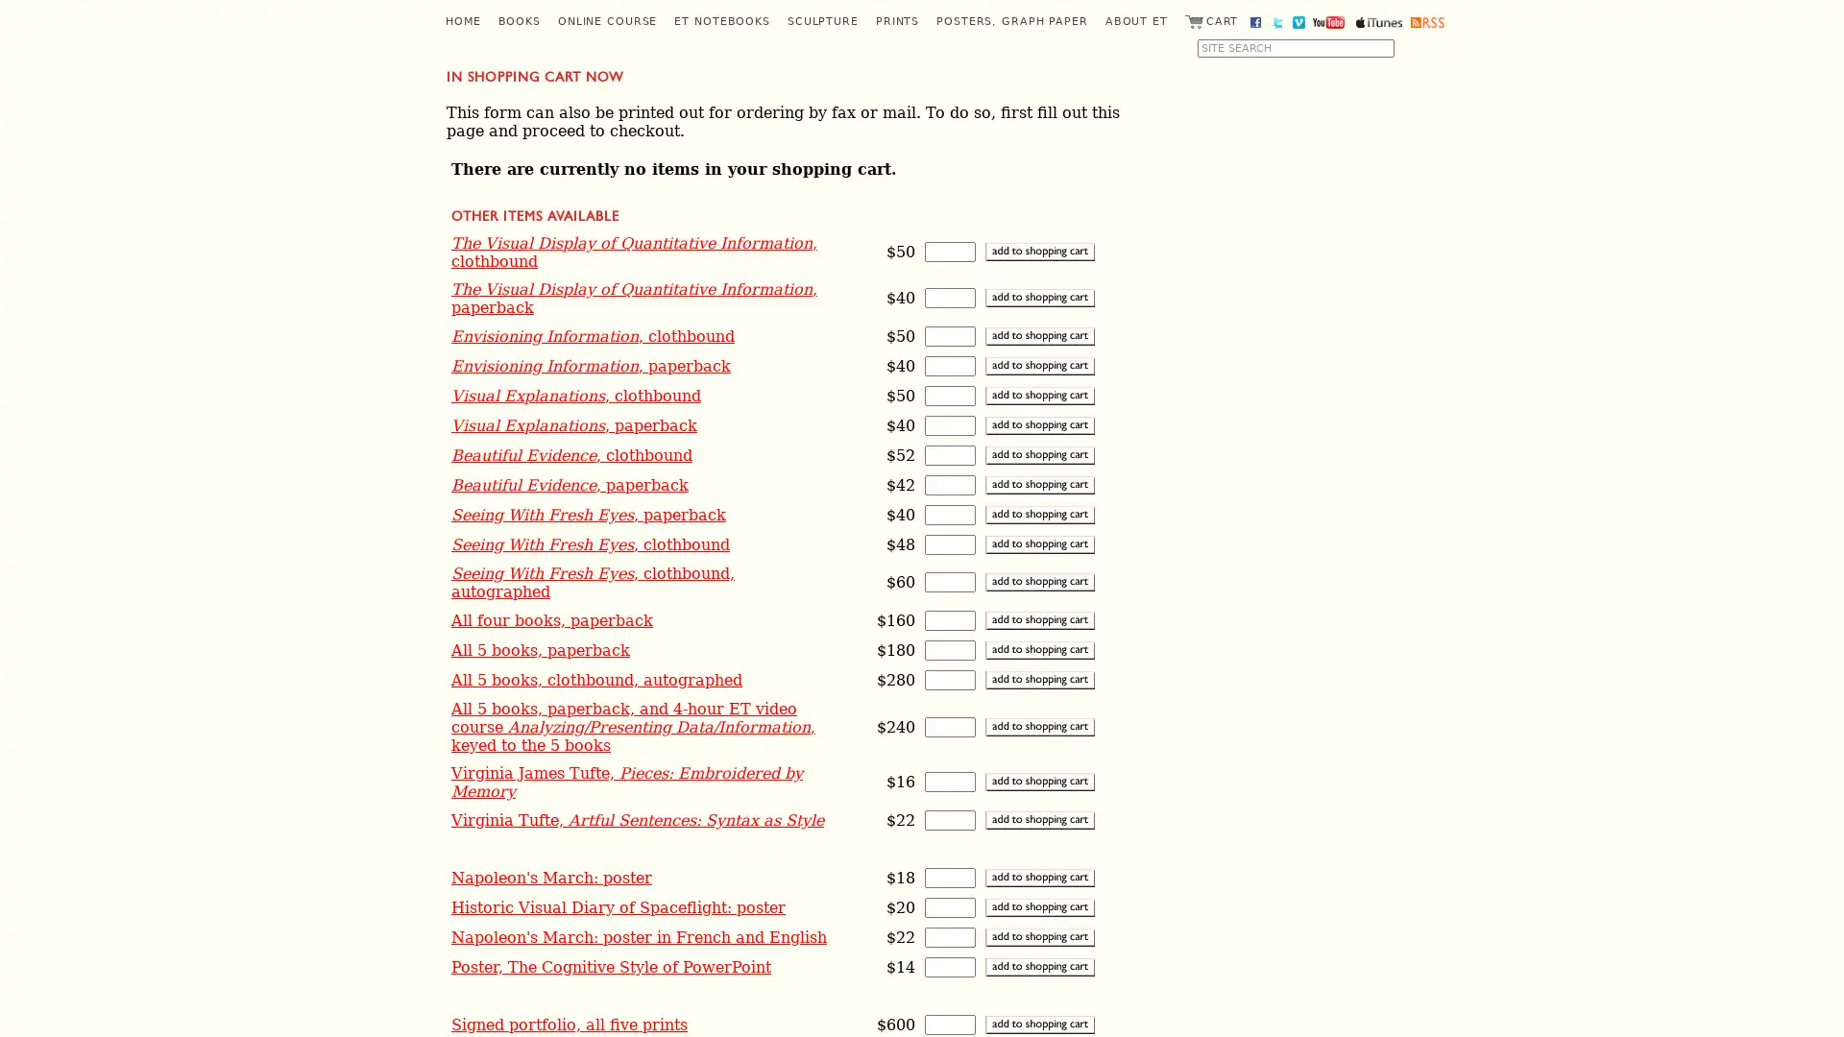  Describe the element at coordinates (1039, 454) in the screenshot. I see `add to shopping cart` at that location.